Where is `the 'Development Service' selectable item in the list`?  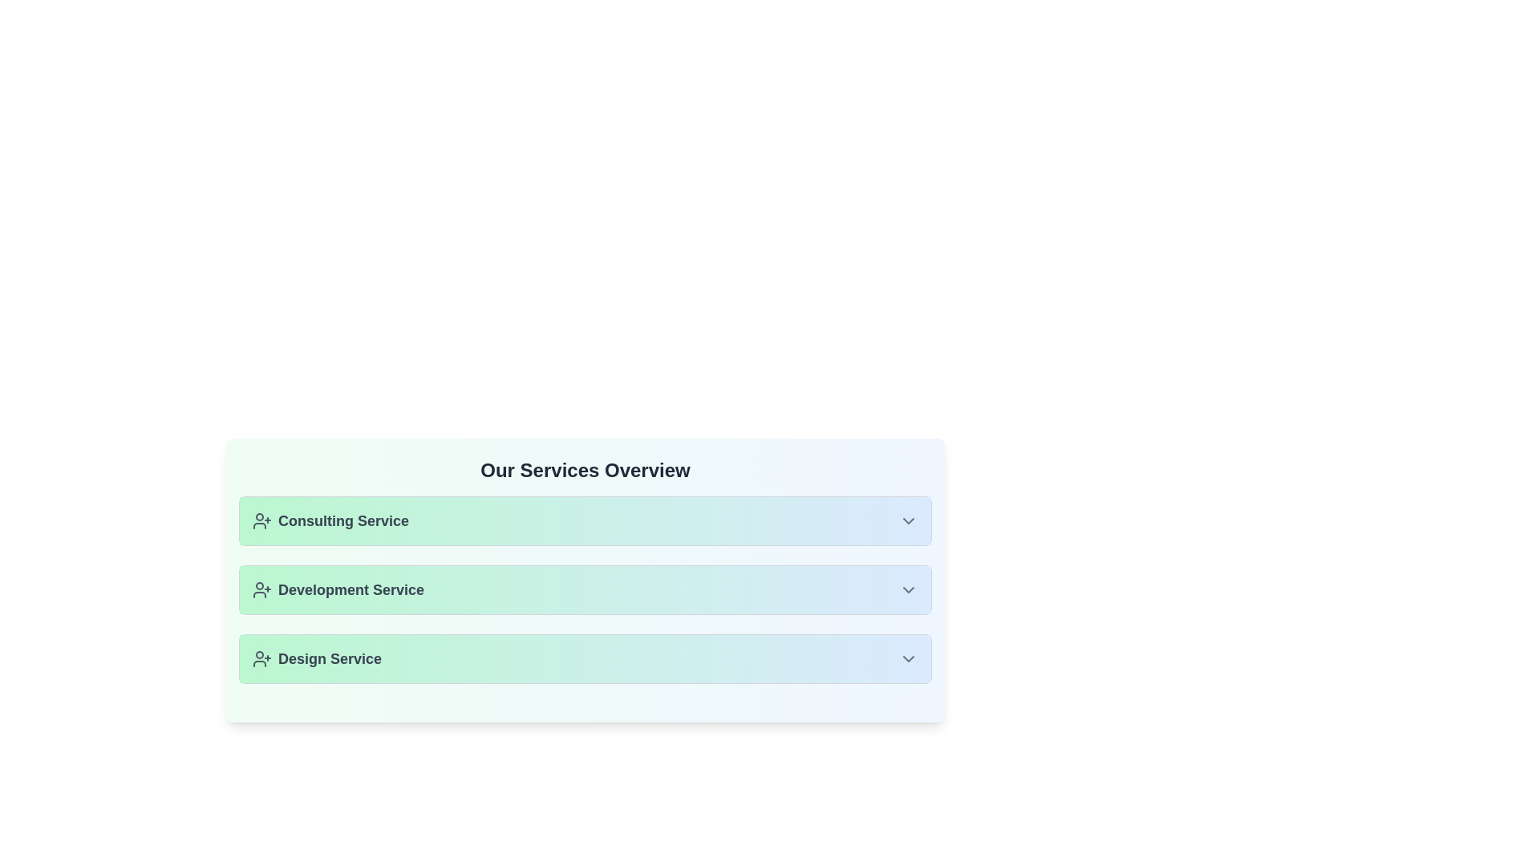
the 'Development Service' selectable item in the list is located at coordinates (584, 590).